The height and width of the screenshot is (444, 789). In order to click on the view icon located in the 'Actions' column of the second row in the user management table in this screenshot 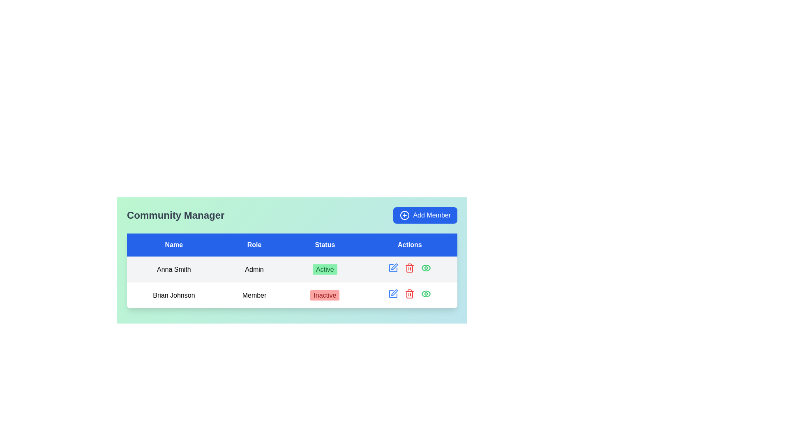, I will do `click(426, 293)`.